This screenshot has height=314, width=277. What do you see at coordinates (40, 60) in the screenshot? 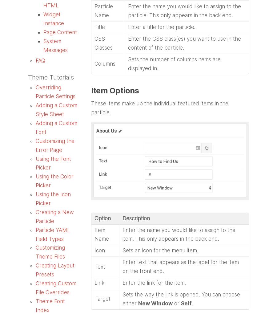
I see `'FAQ'` at bounding box center [40, 60].